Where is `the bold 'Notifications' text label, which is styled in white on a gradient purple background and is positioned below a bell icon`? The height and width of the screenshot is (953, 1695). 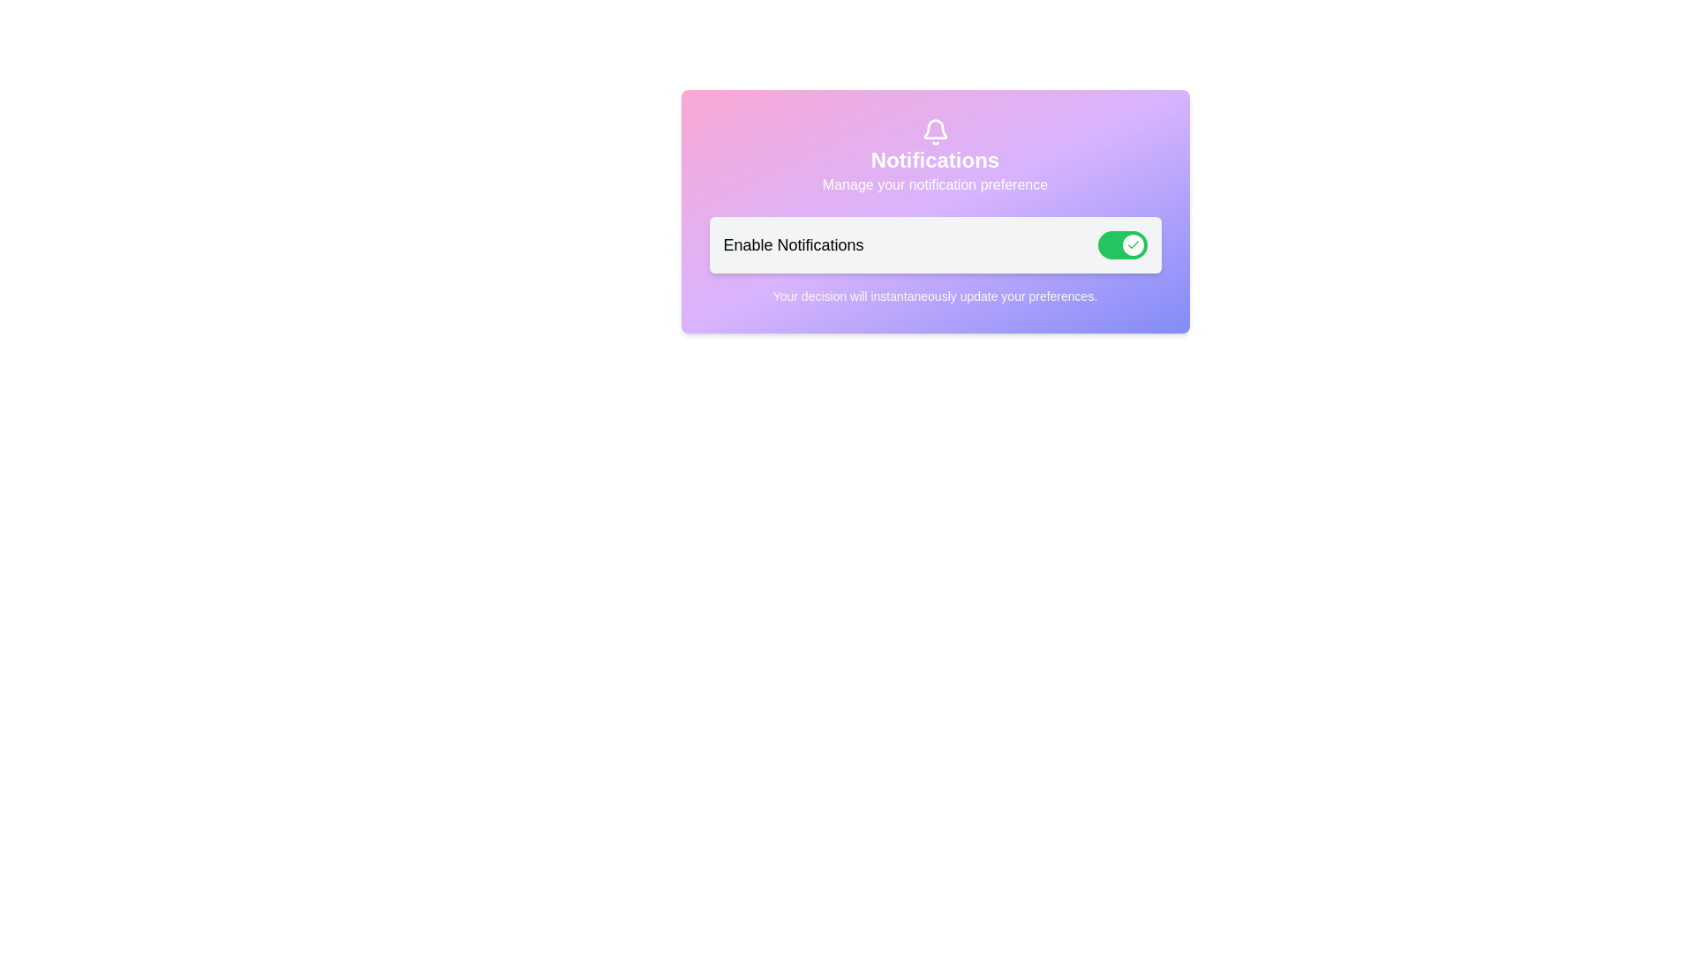
the bold 'Notifications' text label, which is styled in white on a gradient purple background and is positioned below a bell icon is located at coordinates (934, 160).